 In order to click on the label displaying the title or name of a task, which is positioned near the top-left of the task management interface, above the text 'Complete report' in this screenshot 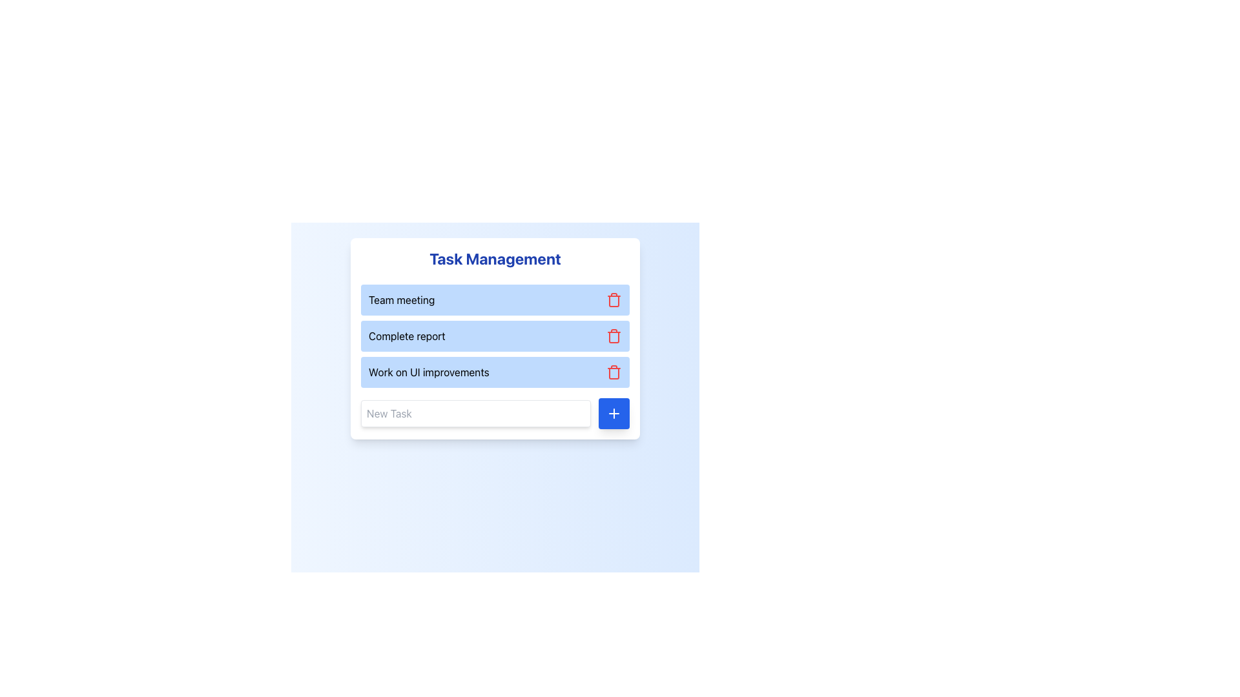, I will do `click(401, 300)`.